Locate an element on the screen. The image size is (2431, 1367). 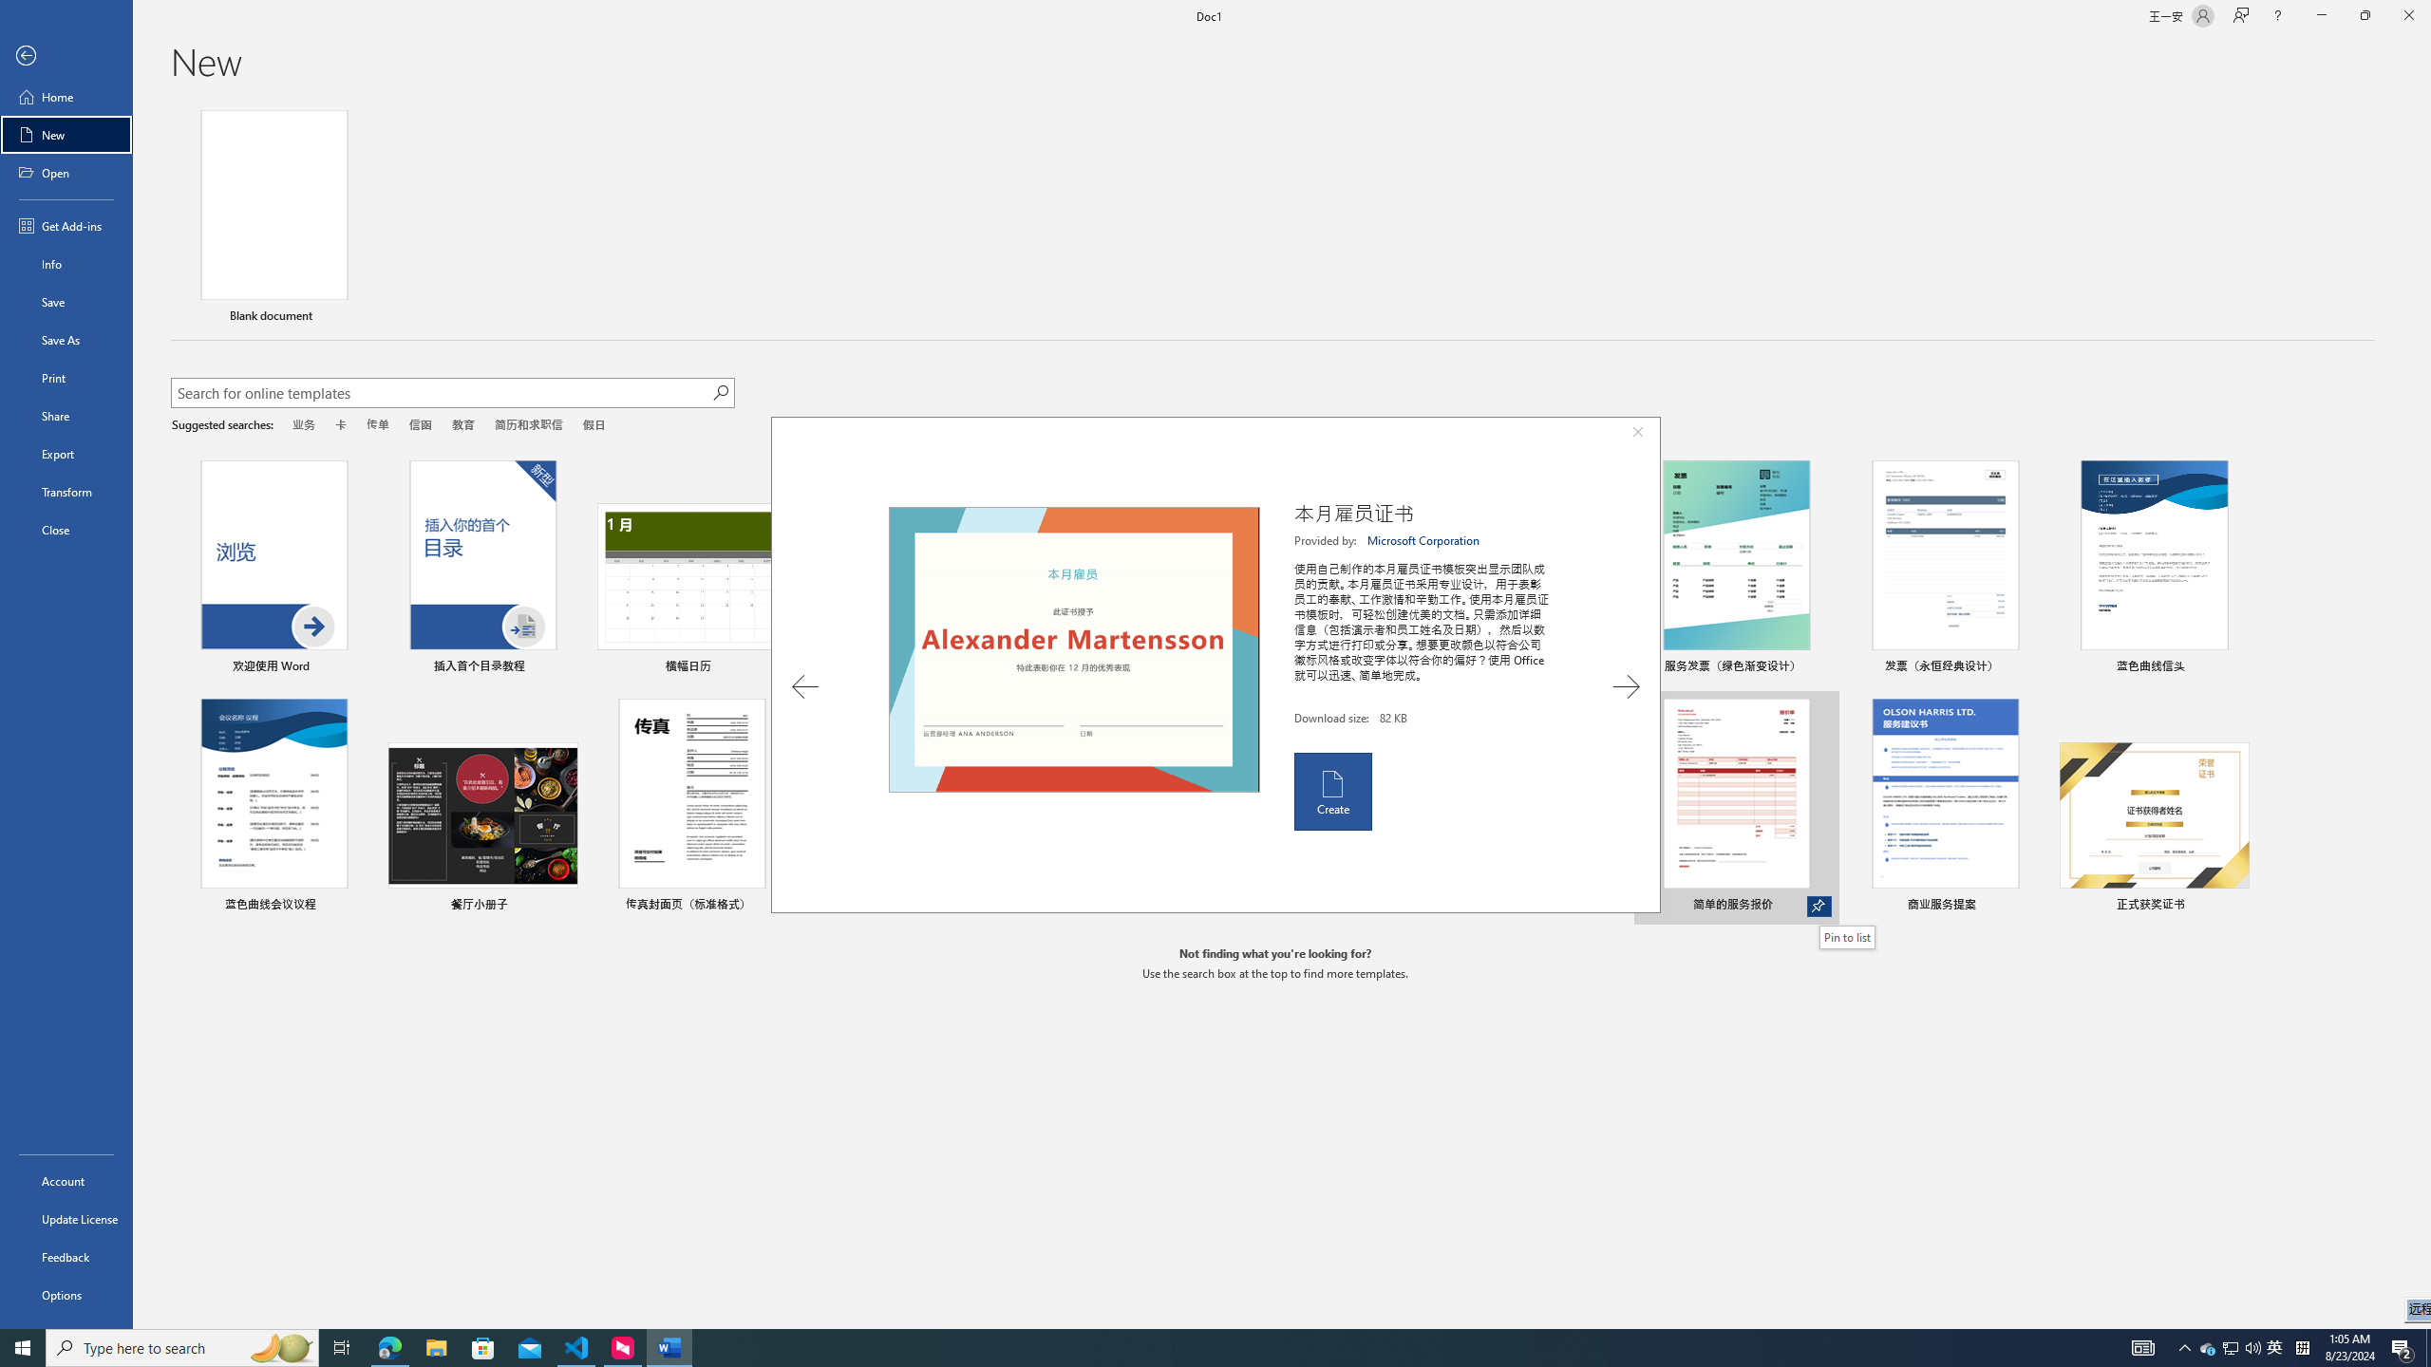
'Next Template' is located at coordinates (1626, 686).